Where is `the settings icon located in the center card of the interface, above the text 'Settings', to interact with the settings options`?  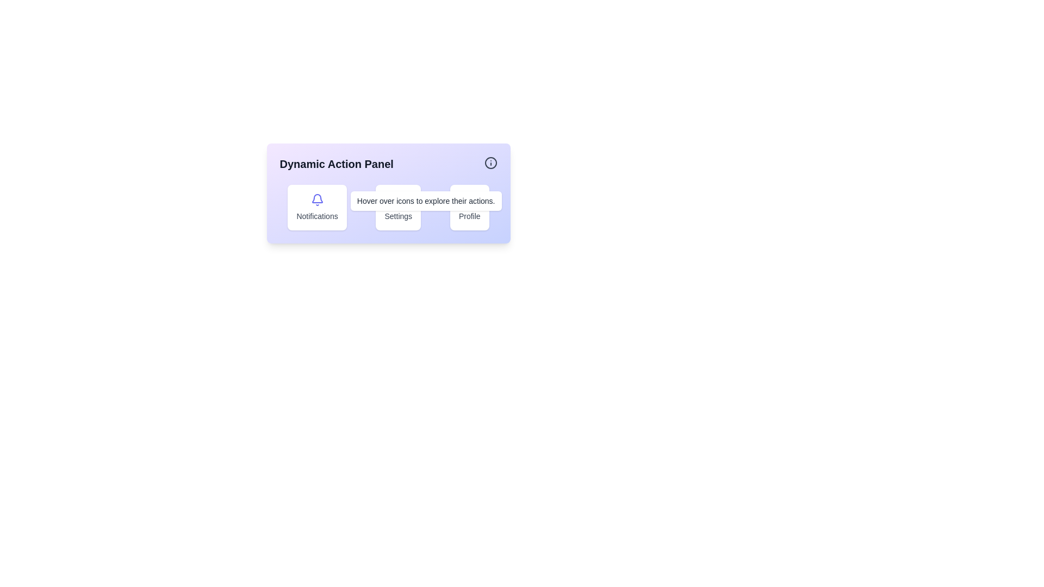 the settings icon located in the center card of the interface, above the text 'Settings', to interact with the settings options is located at coordinates (397, 199).